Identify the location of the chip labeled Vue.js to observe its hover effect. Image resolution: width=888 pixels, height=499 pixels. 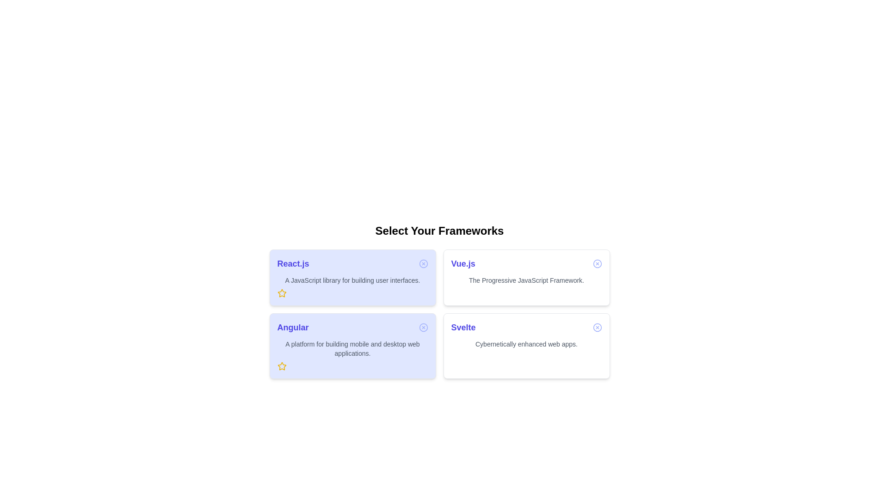
(526, 277).